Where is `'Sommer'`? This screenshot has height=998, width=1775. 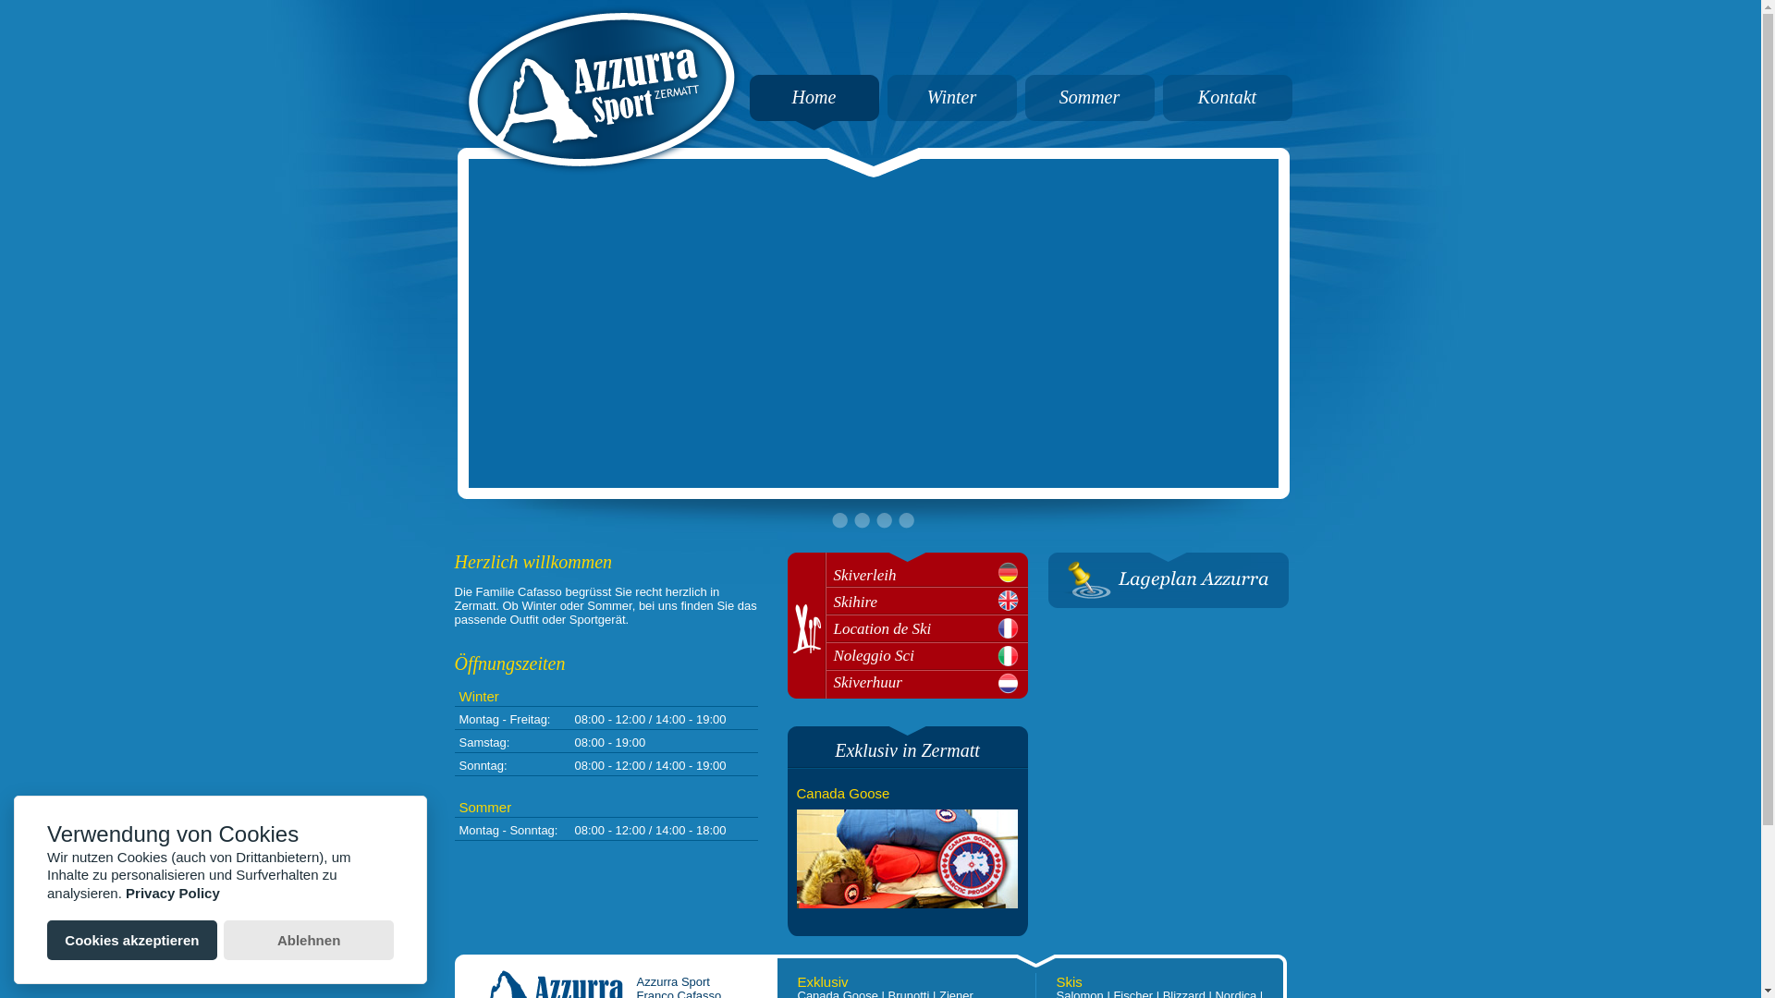 'Sommer' is located at coordinates (1090, 96).